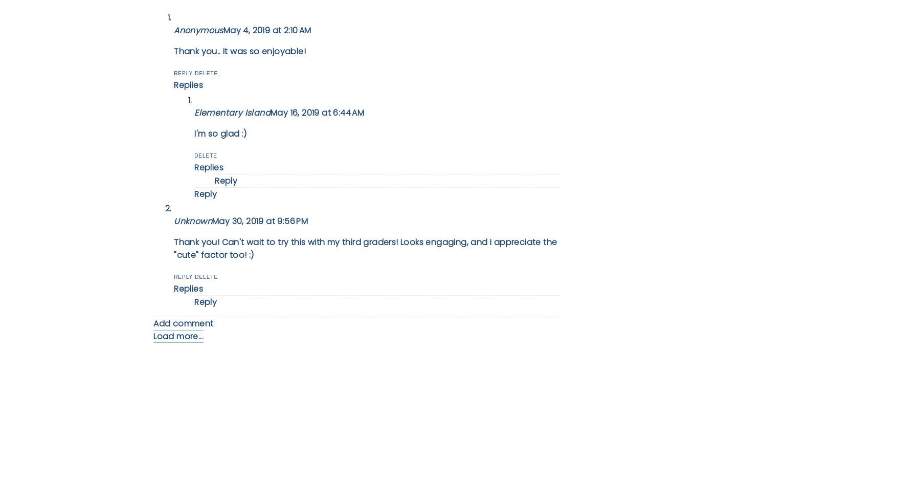  Describe the element at coordinates (173, 248) in the screenshot. I see `'Thank you! Can't wait to try this with my third graders!  Looks engaging, and I appreciate the "cute" factor too! :)'` at that location.